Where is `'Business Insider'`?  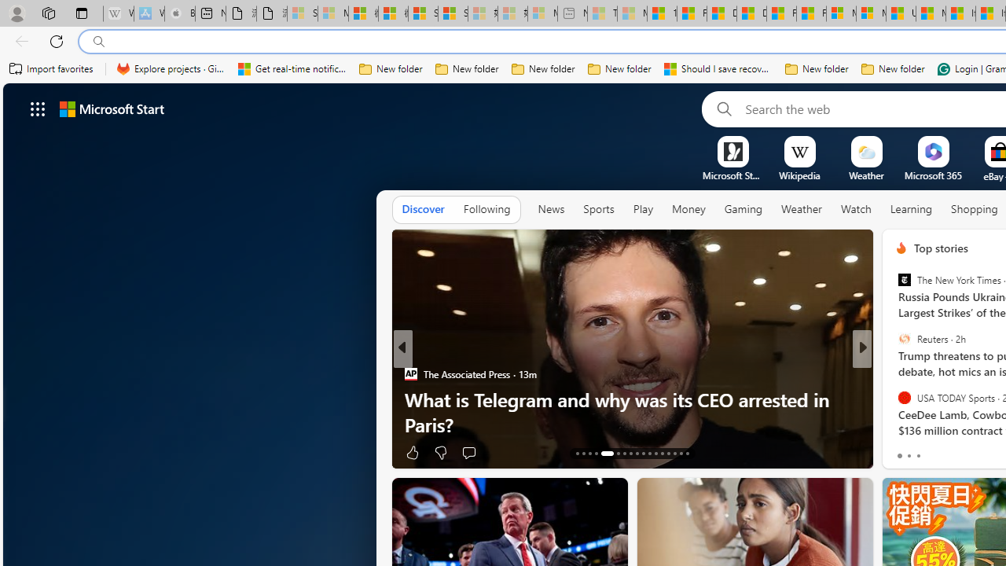 'Business Insider' is located at coordinates (894, 373).